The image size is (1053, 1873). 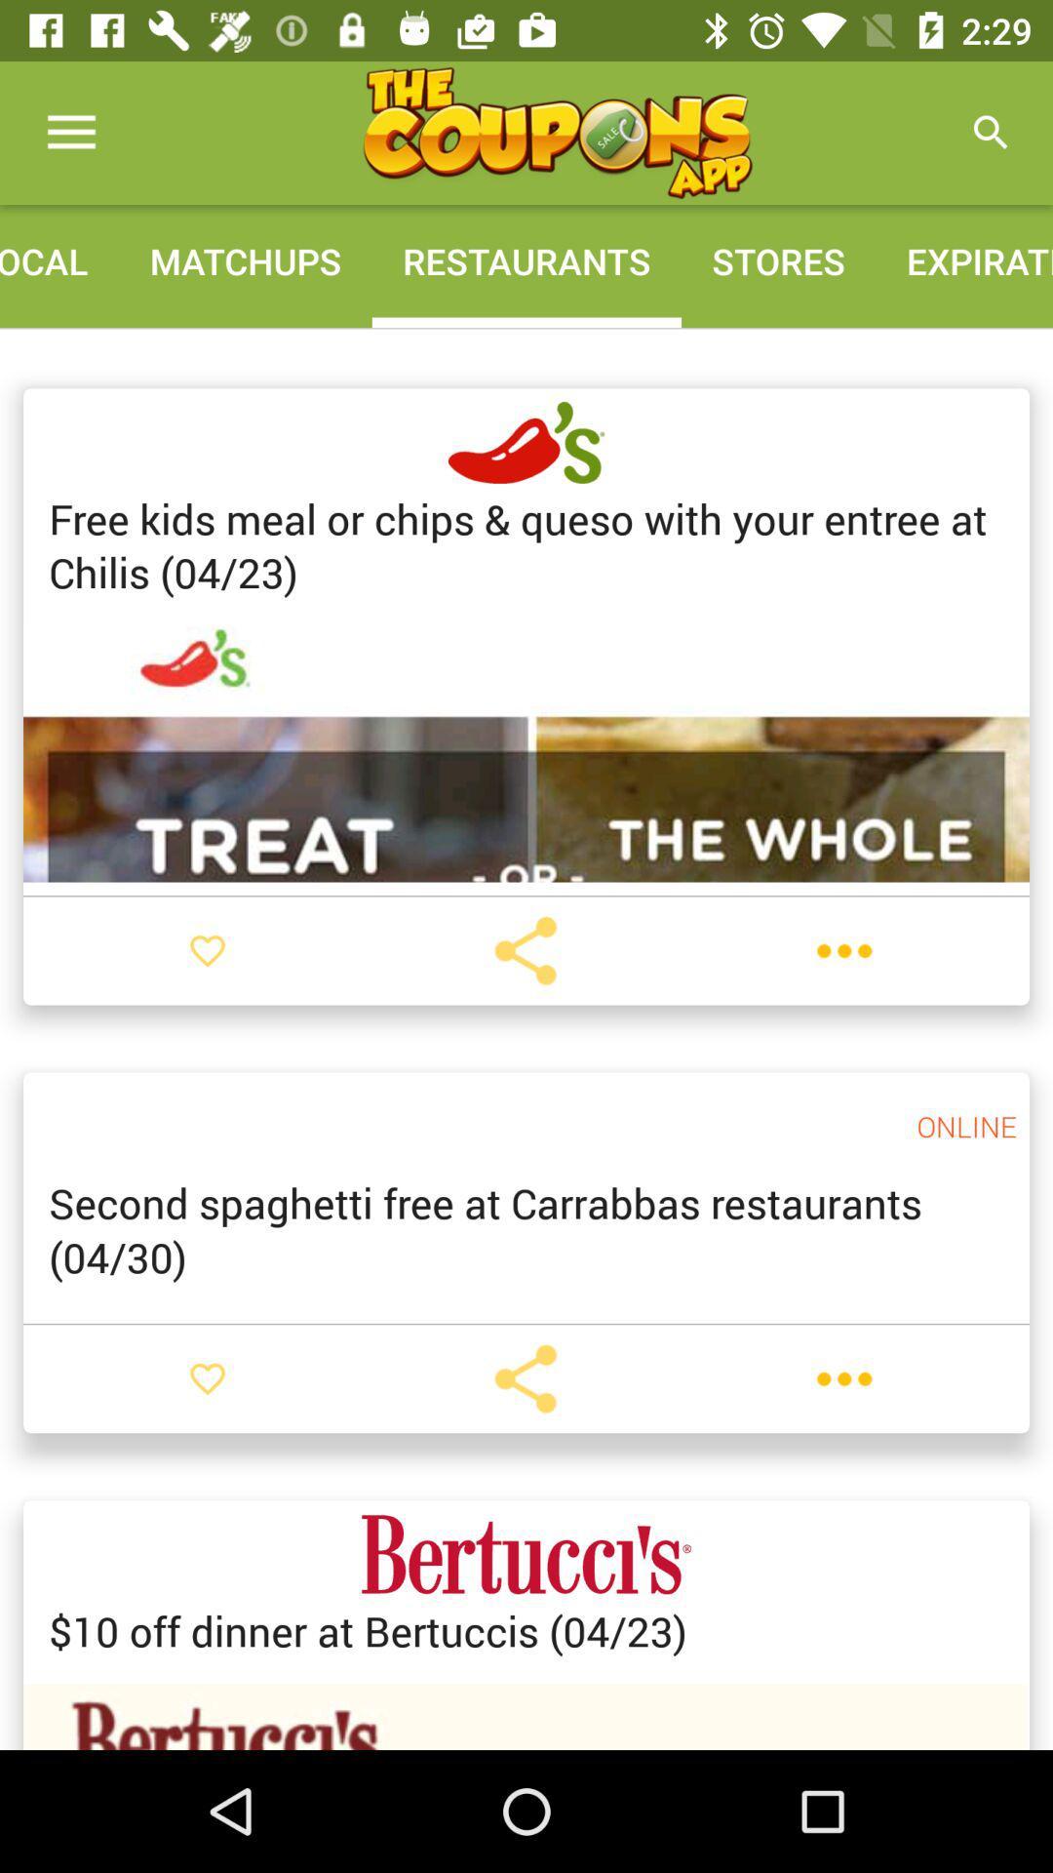 What do you see at coordinates (525, 1377) in the screenshot?
I see `share coupon` at bounding box center [525, 1377].